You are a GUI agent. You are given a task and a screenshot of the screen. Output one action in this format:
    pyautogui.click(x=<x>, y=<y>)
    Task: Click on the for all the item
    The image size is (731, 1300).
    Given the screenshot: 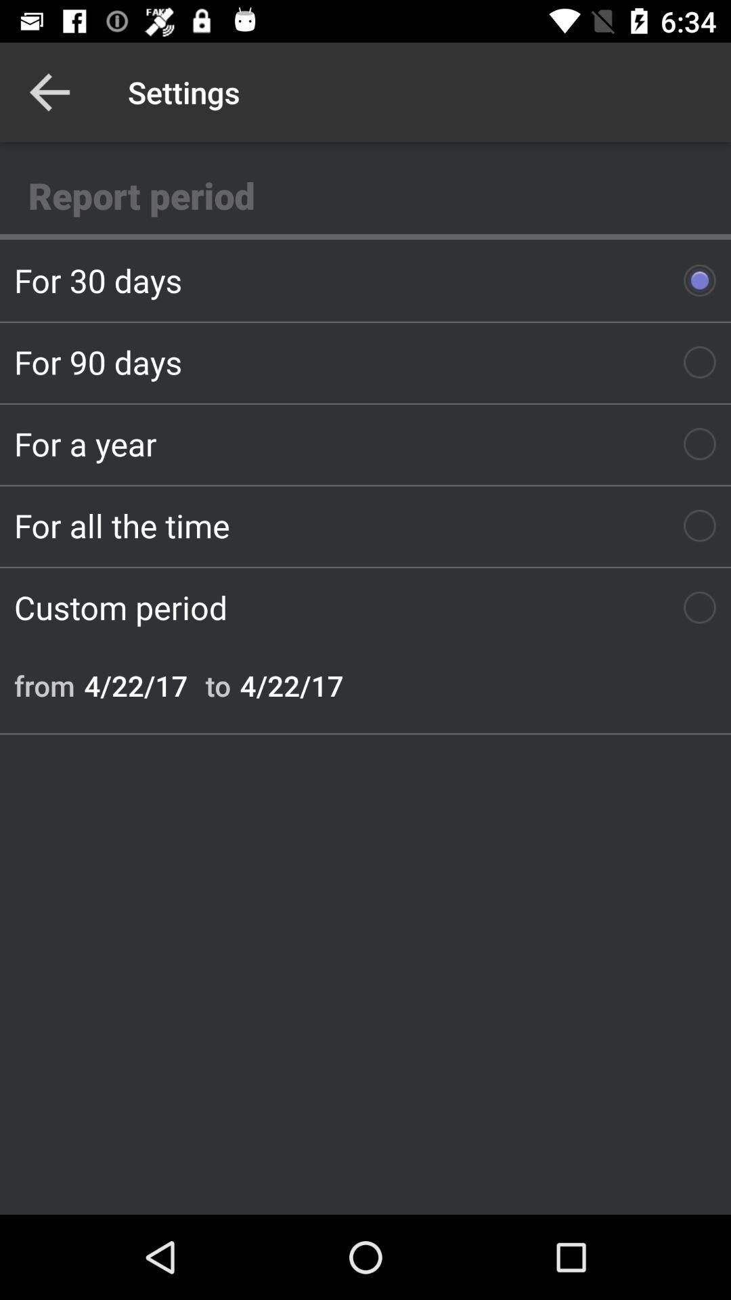 What is the action you would take?
    pyautogui.click(x=365, y=525)
    